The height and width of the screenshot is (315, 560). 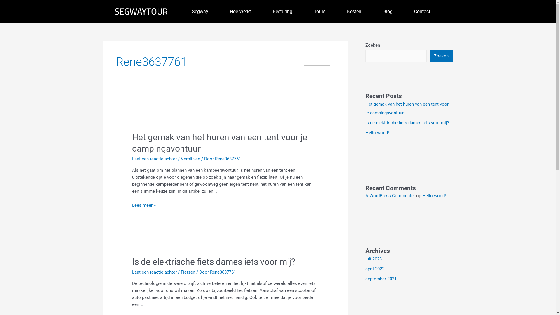 I want to click on 'Verblijven', so click(x=190, y=159).